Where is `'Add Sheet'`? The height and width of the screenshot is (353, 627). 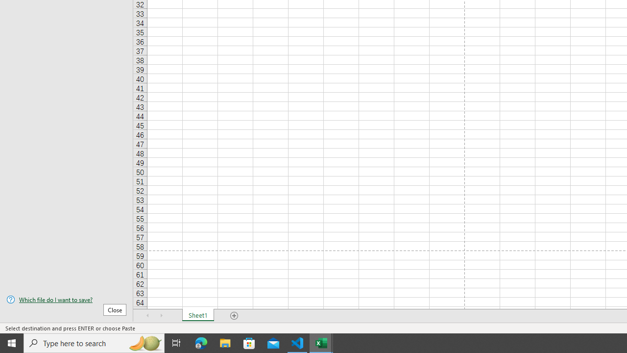 'Add Sheet' is located at coordinates (234, 316).